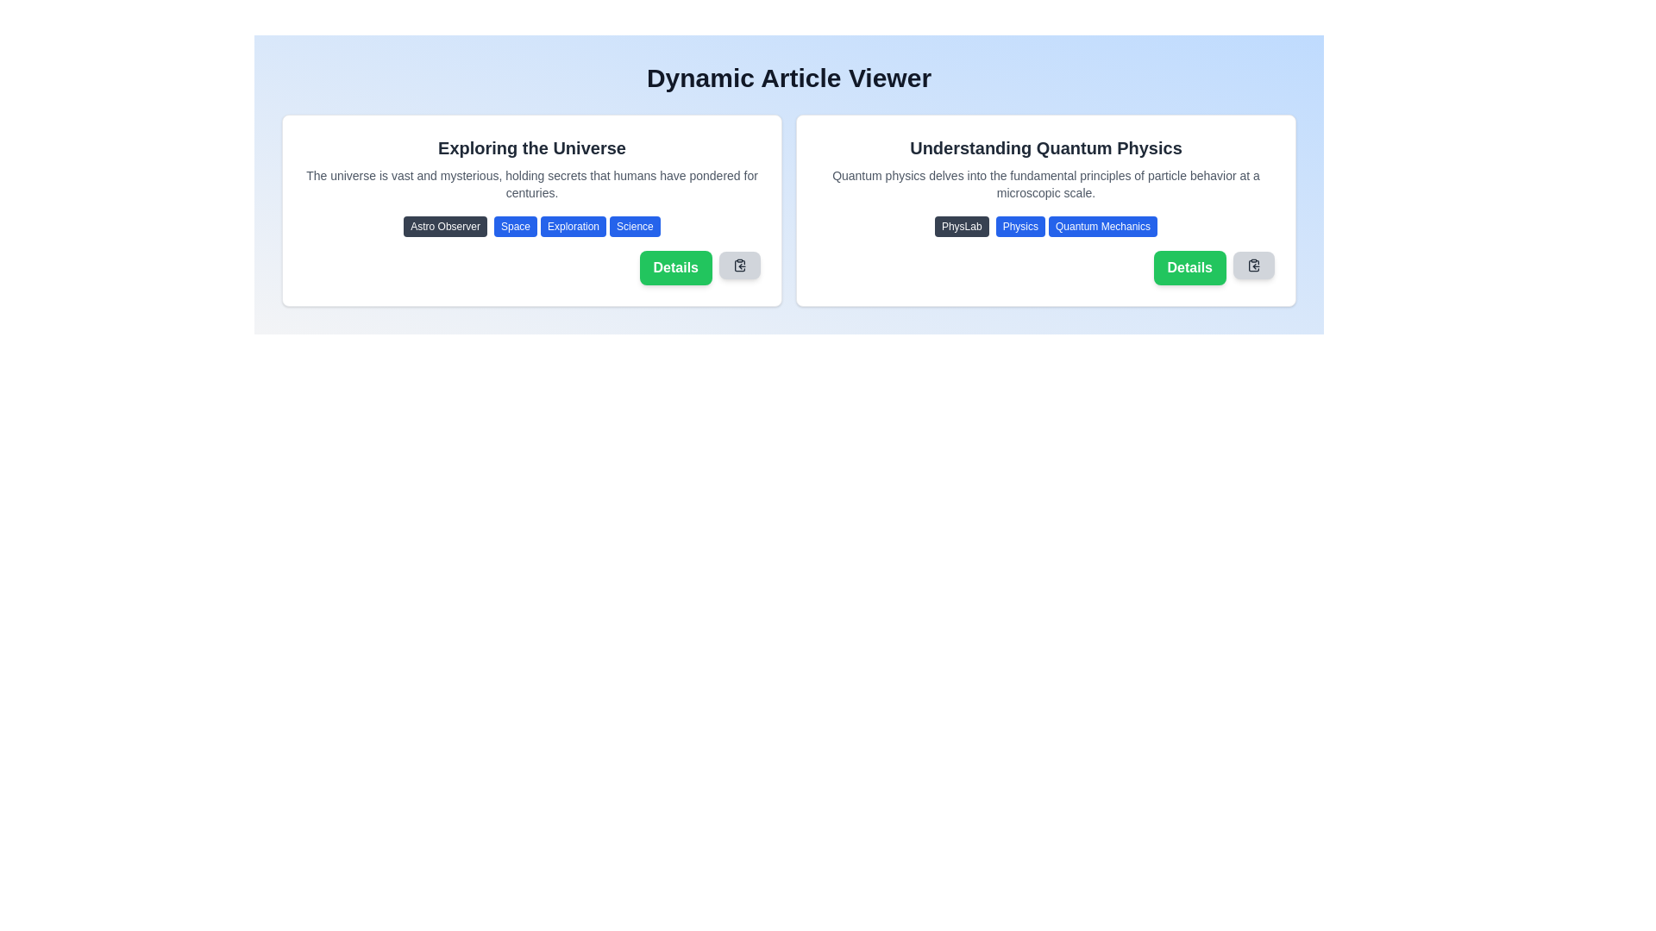  I want to click on the tag or label element that categorizes or provides context within the 'Understanding Quantum Physics' section, positioned to the right of the 'Physics' badge, so click(1102, 225).